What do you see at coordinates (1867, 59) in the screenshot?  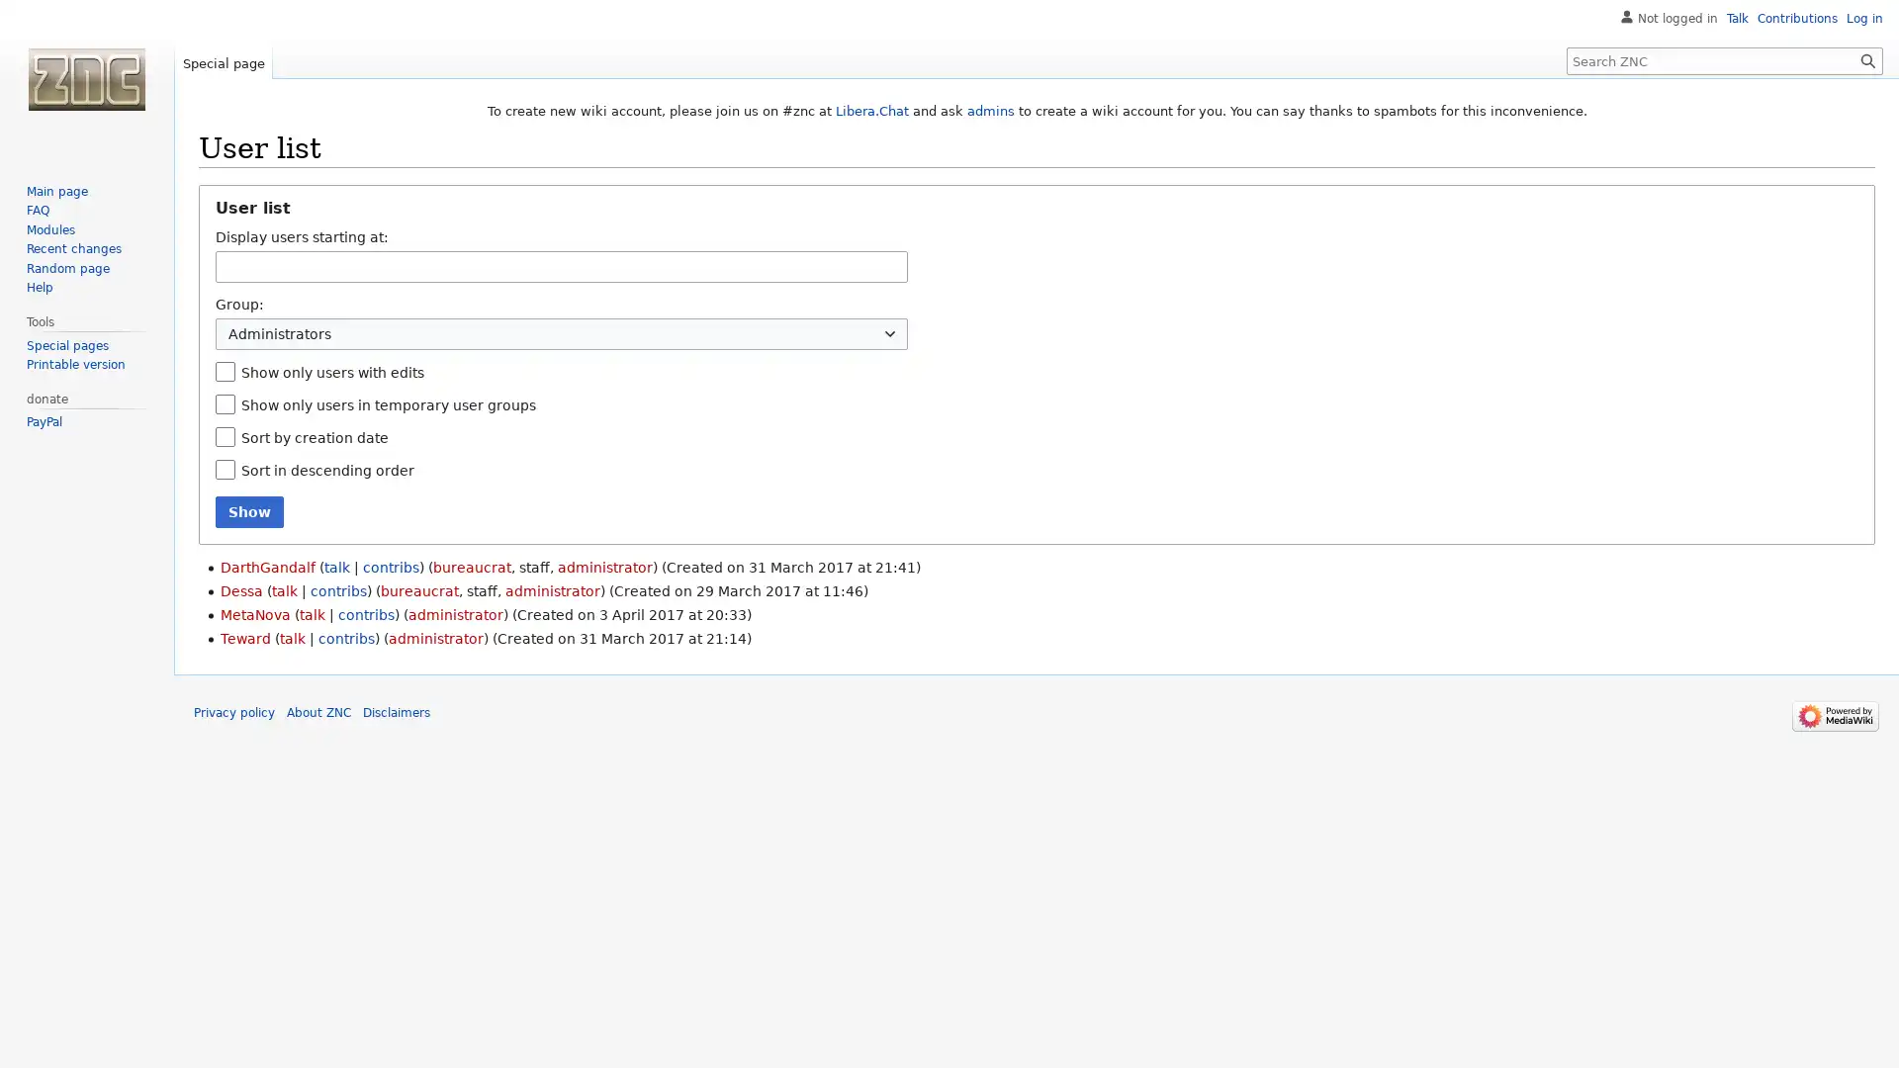 I see `Search` at bounding box center [1867, 59].